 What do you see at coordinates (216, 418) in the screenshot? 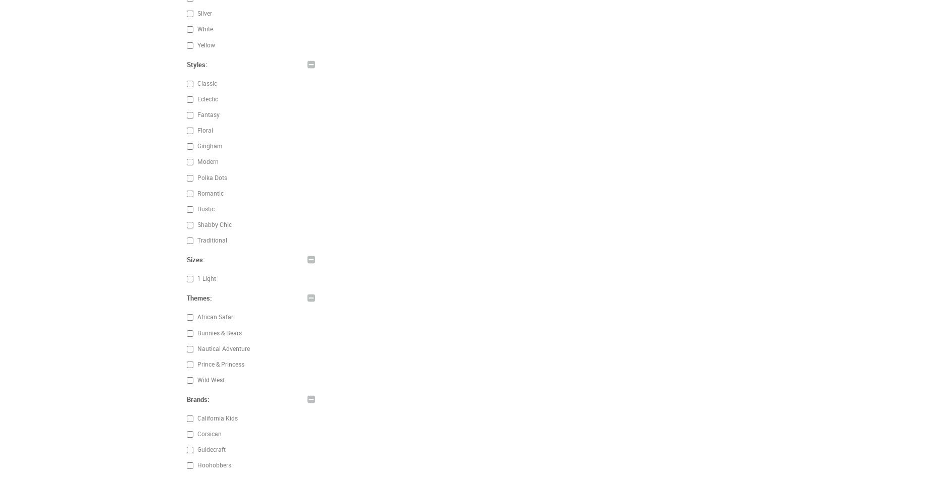
I see `'California Kids'` at bounding box center [216, 418].